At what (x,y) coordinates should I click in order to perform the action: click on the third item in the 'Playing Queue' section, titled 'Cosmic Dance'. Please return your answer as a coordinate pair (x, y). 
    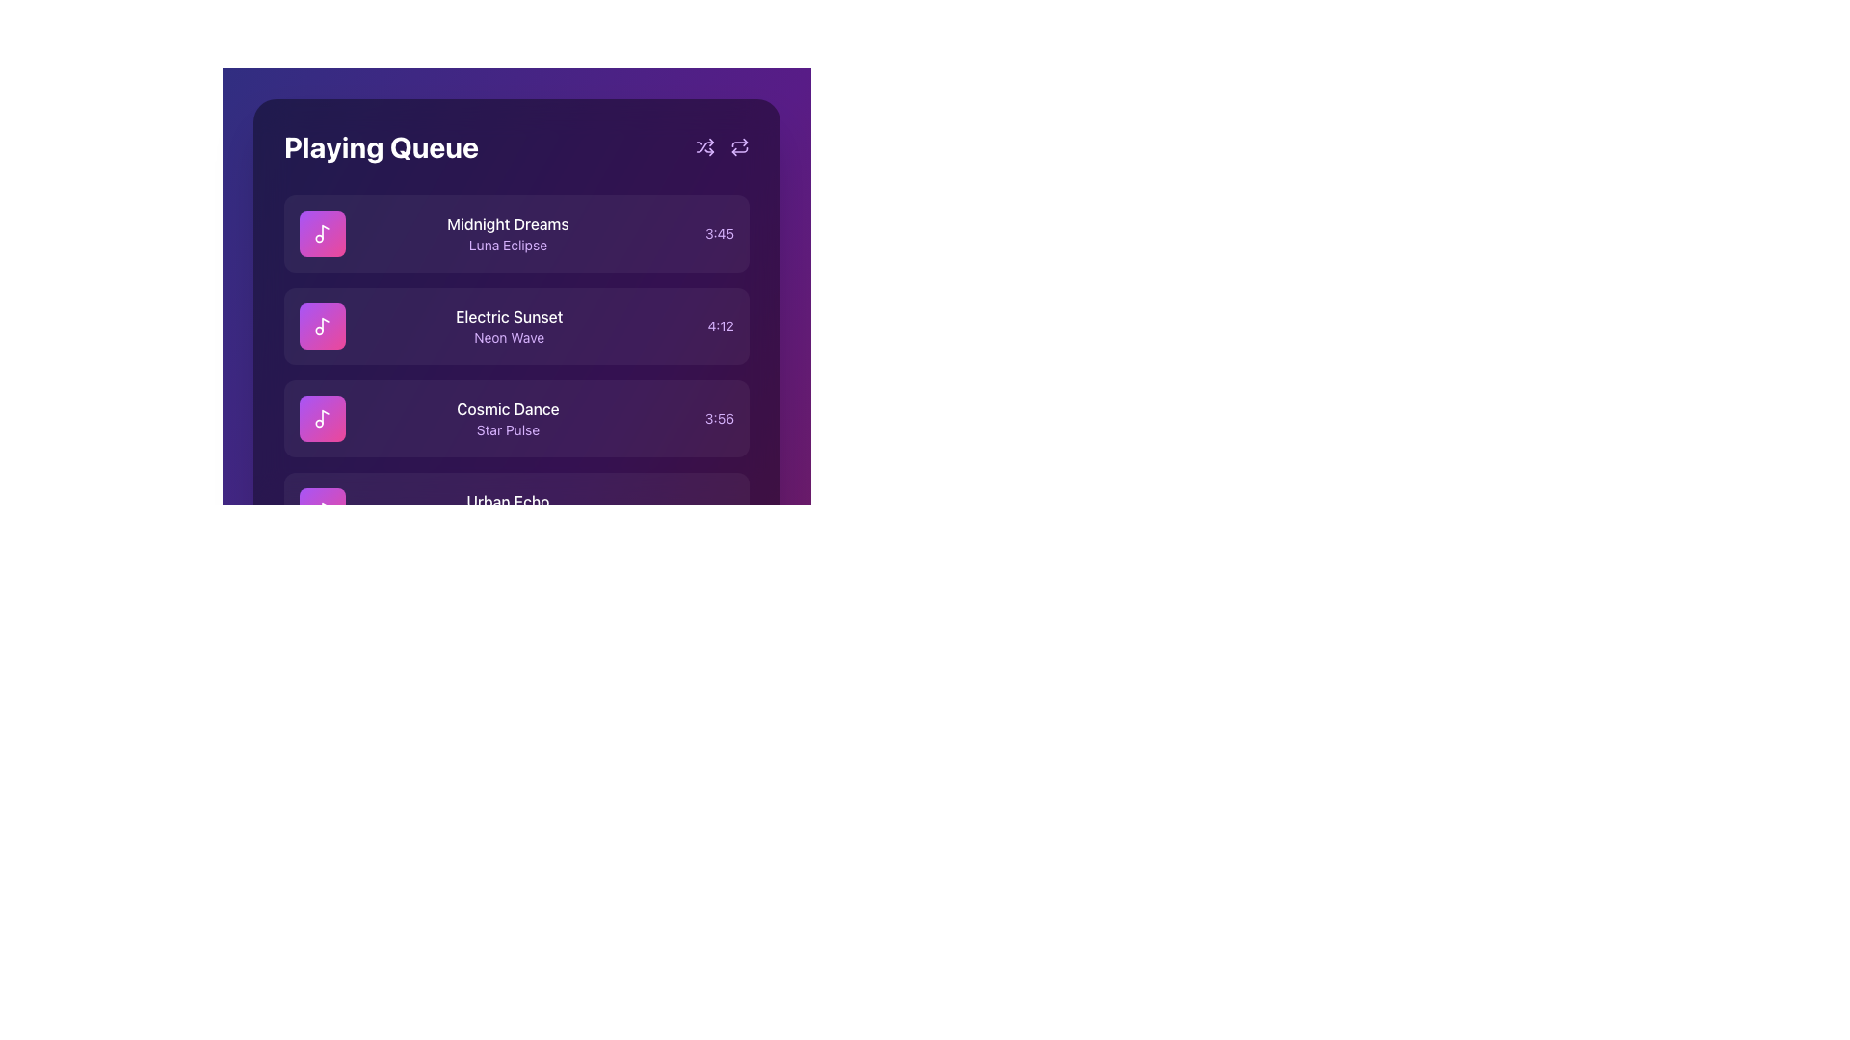
    Looking at the image, I should click on (516, 418).